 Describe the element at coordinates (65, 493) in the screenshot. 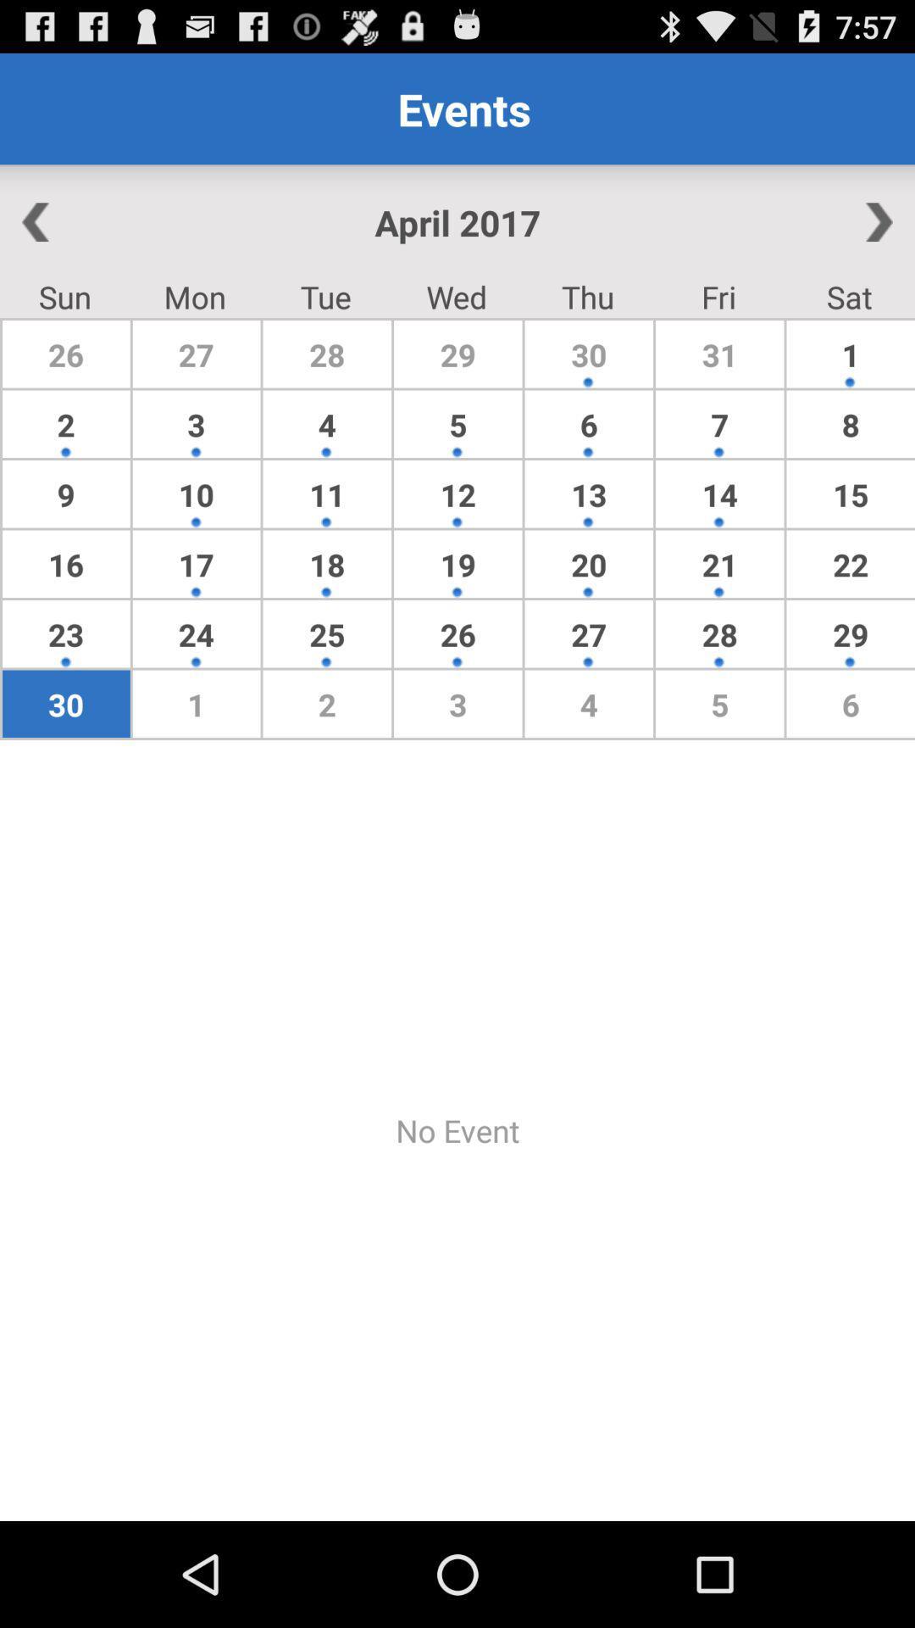

I see `item next to 3` at that location.